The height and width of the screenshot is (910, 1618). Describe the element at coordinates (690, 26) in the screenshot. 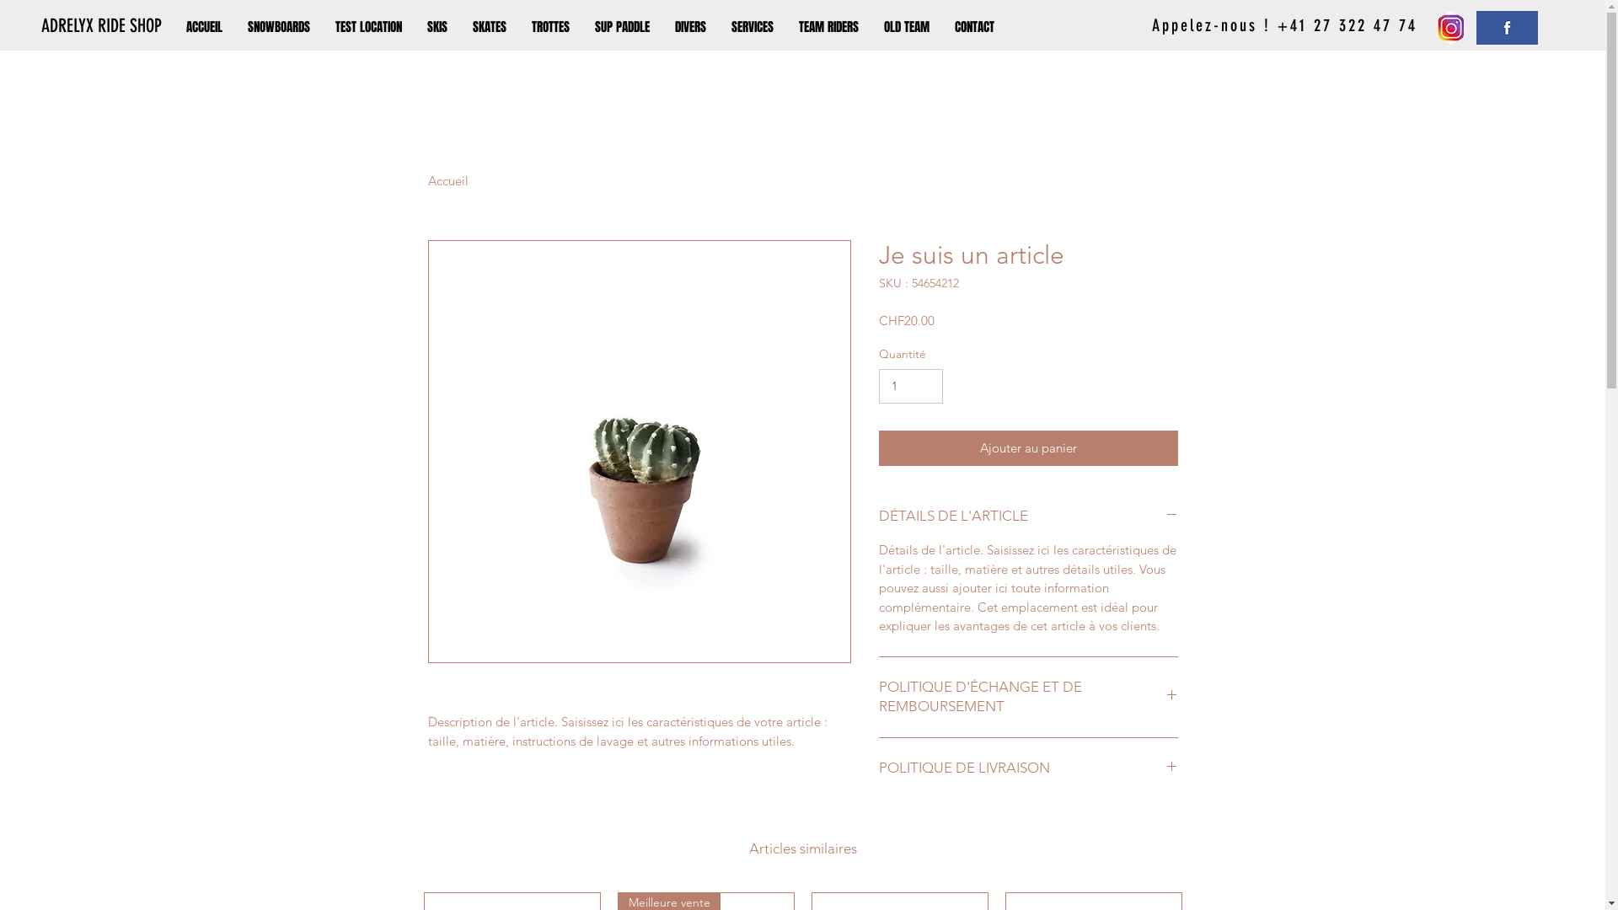

I see `'DIVERS'` at that location.